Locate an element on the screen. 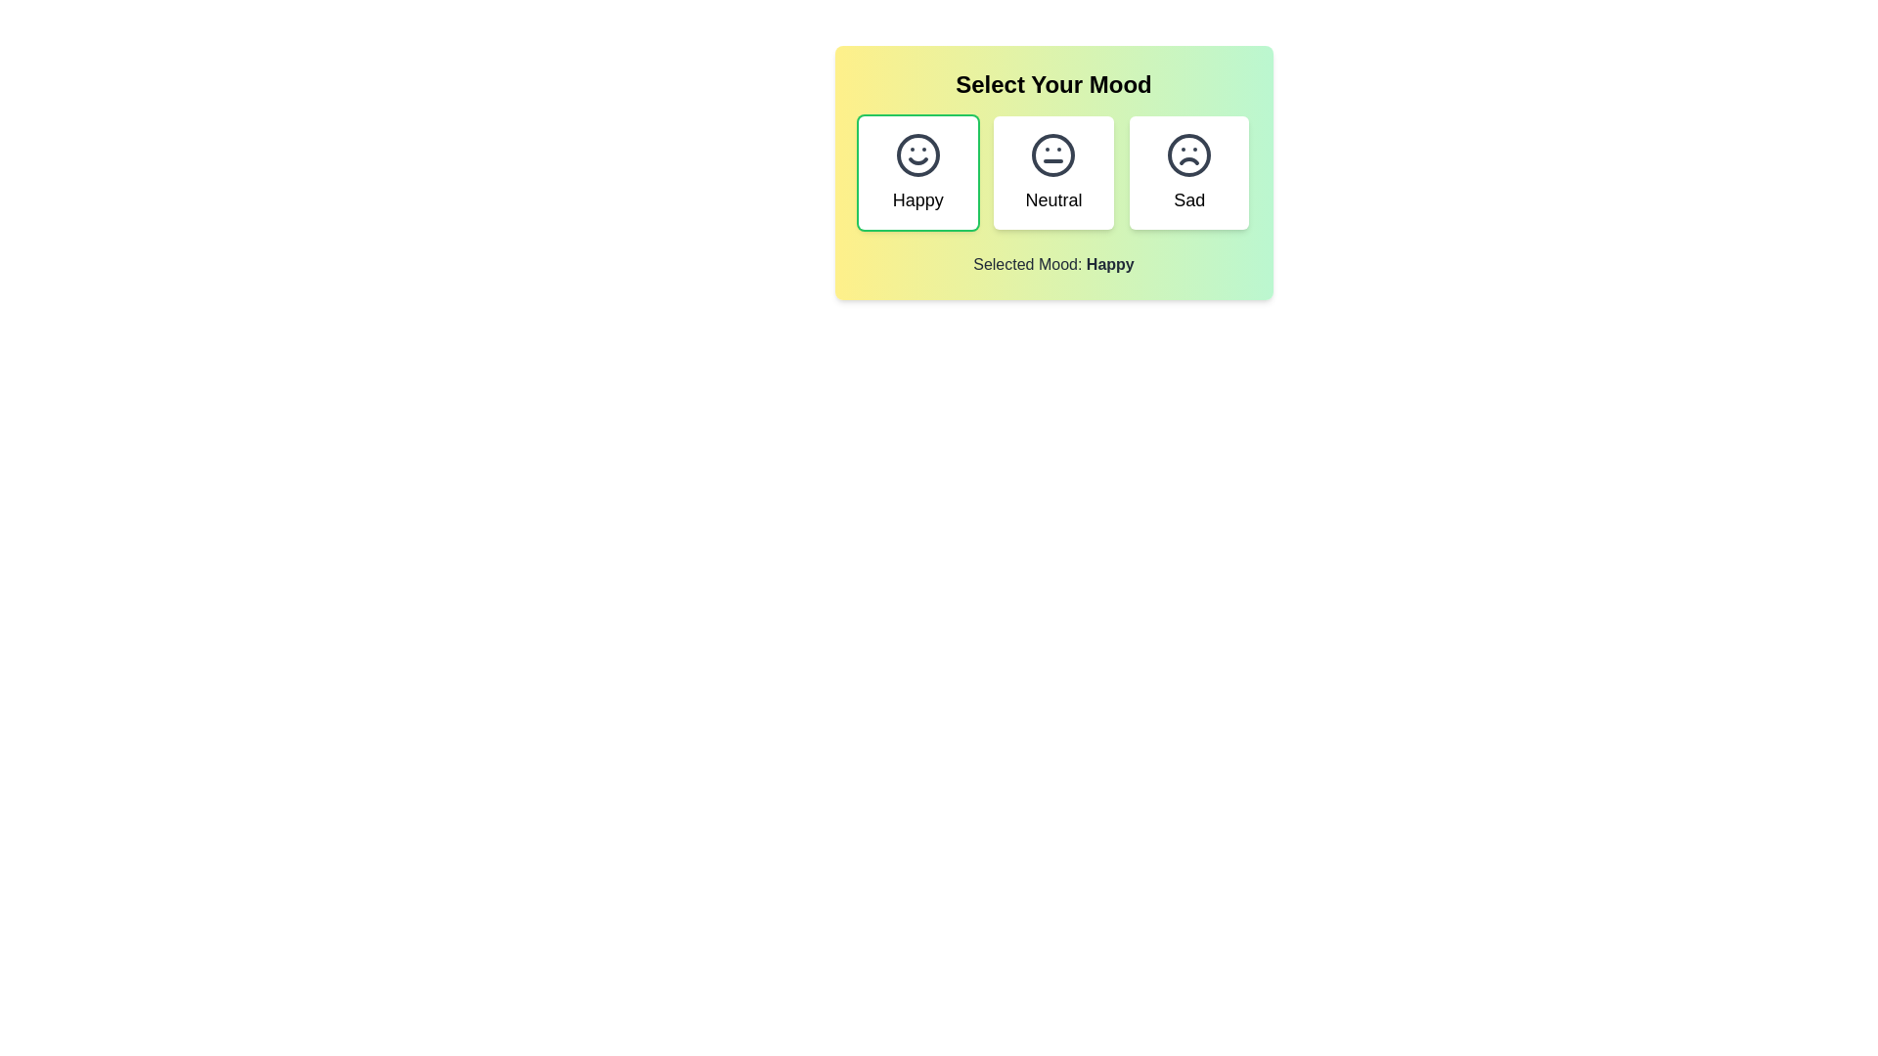 This screenshot has height=1056, width=1878. the 'Sad' mood label, which is located under a frown icon on the third tile from the left in the mood selection interface is located at coordinates (1188, 199).